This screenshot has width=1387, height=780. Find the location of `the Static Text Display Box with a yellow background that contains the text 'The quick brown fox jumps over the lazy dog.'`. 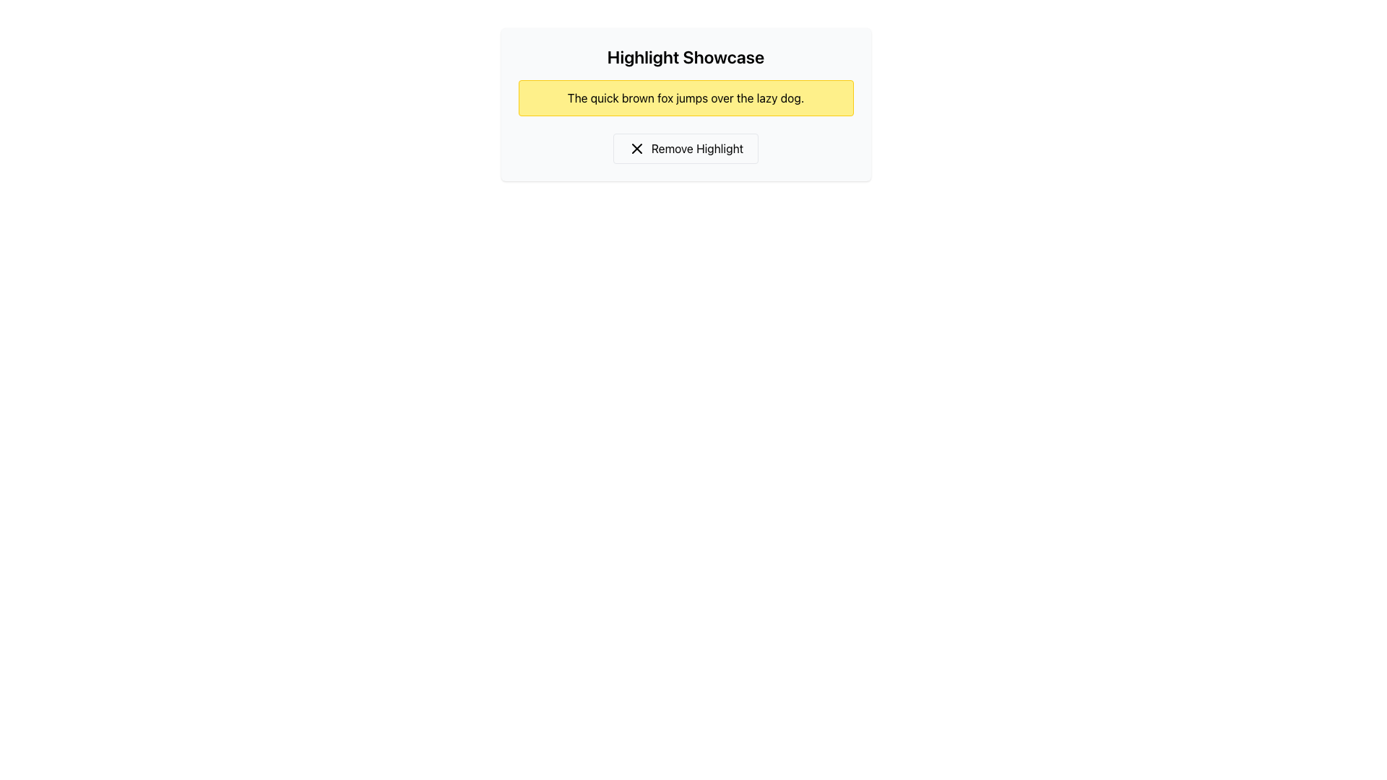

the Static Text Display Box with a yellow background that contains the text 'The quick brown fox jumps over the lazy dog.' is located at coordinates (685, 97).